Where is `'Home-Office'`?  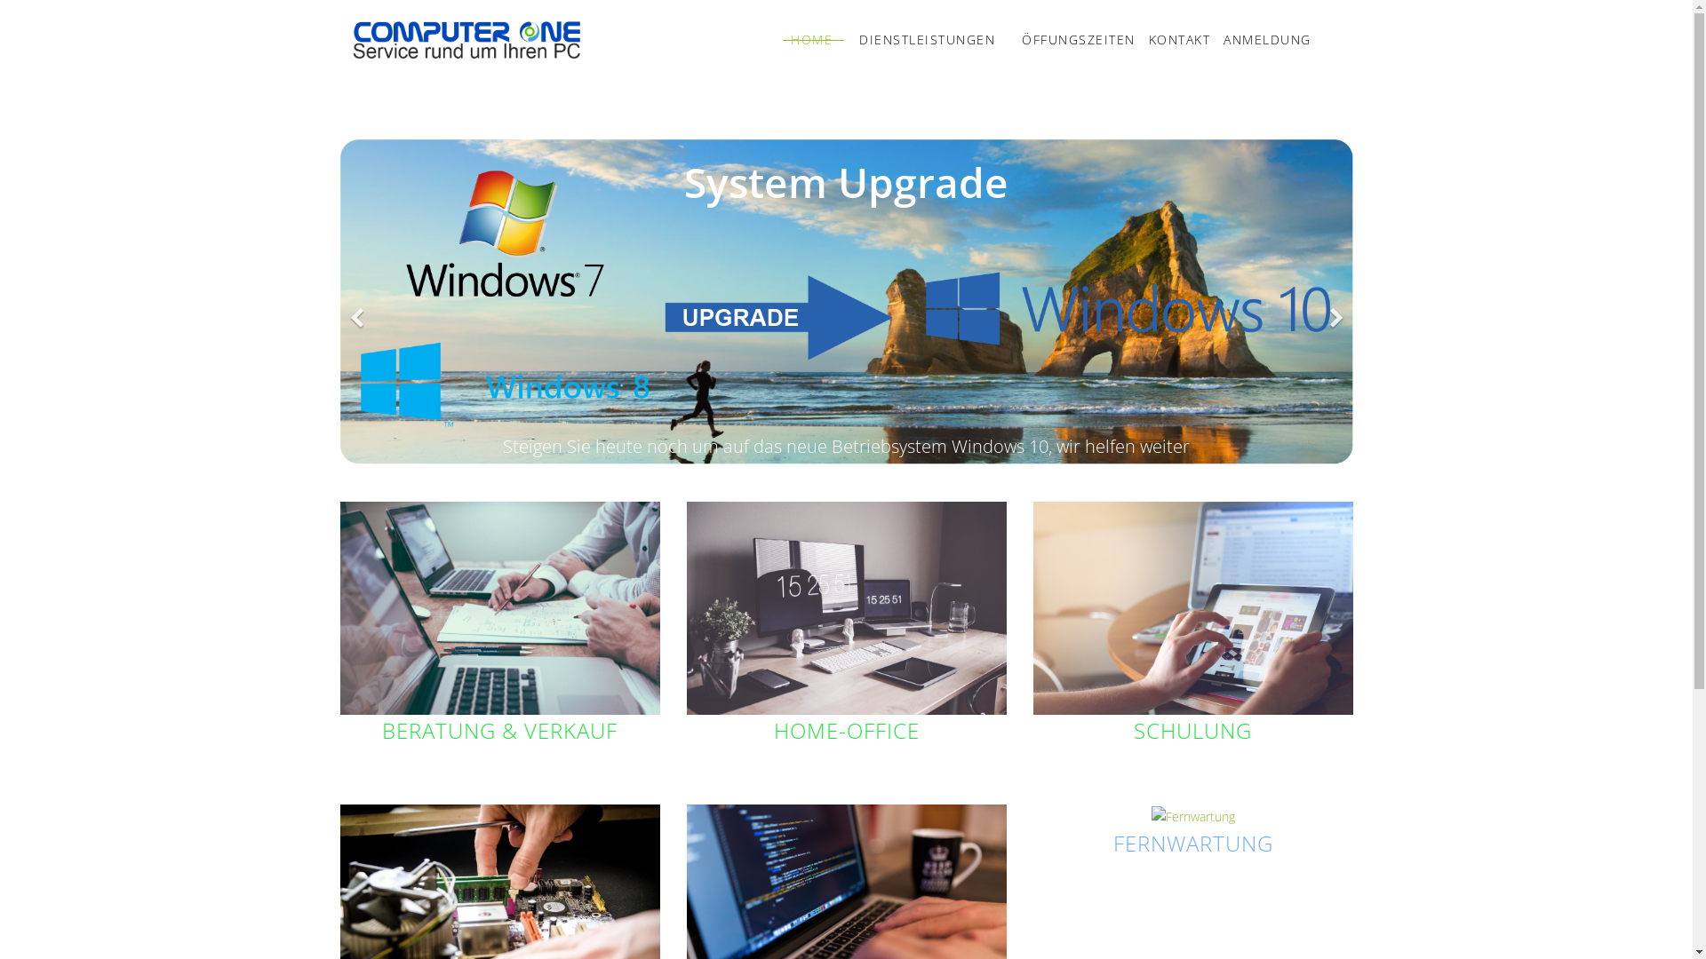
'Home-Office' is located at coordinates (844, 607).